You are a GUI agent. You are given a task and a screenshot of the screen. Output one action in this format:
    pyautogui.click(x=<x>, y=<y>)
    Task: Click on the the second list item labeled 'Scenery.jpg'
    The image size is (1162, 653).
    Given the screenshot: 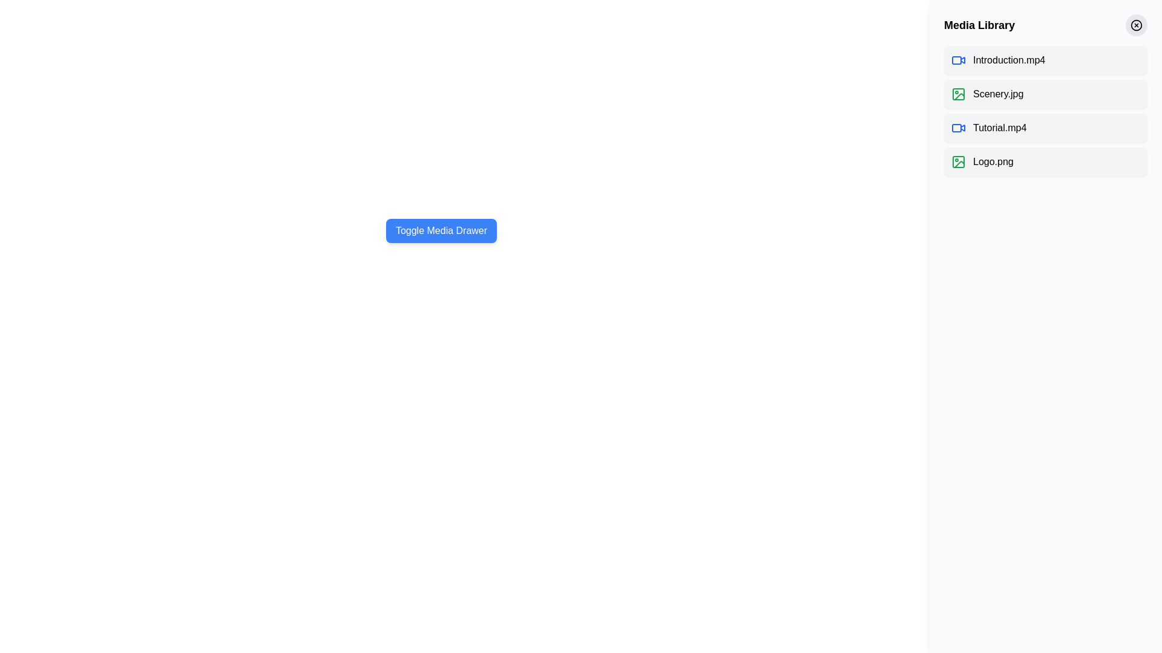 What is the action you would take?
    pyautogui.click(x=1045, y=93)
    